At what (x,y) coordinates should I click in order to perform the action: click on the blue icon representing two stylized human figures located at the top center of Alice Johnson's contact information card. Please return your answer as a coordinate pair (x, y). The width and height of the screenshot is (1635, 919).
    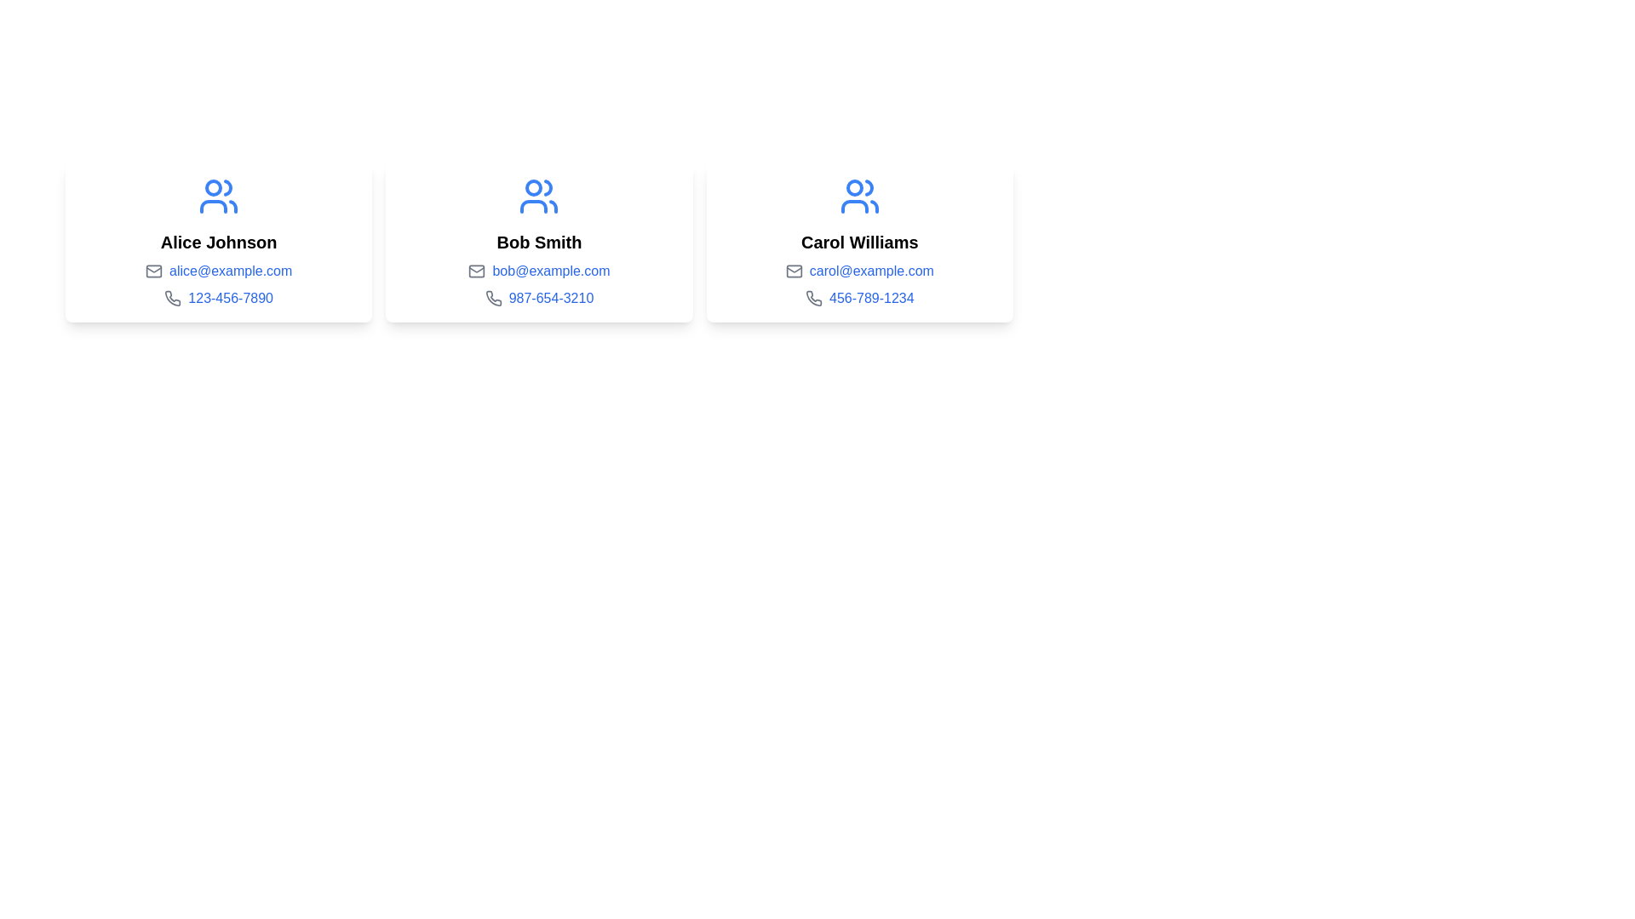
    Looking at the image, I should click on (218, 196).